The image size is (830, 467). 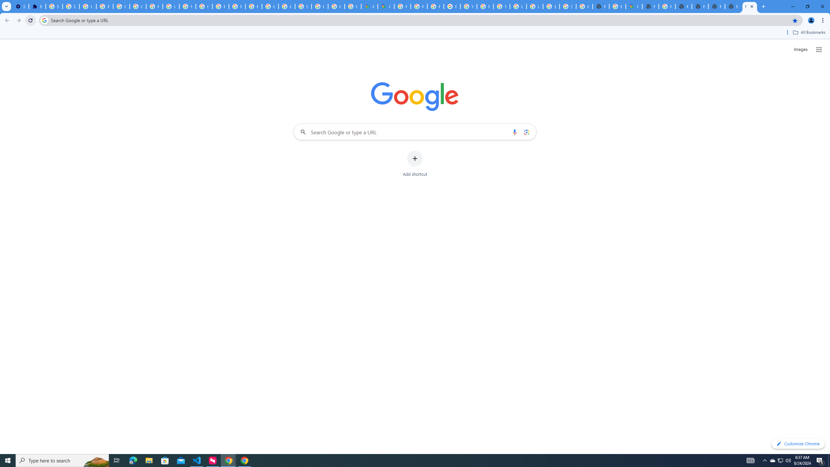 I want to click on 'Learn how to find your photos - Google Photos Help', so click(x=88, y=6).